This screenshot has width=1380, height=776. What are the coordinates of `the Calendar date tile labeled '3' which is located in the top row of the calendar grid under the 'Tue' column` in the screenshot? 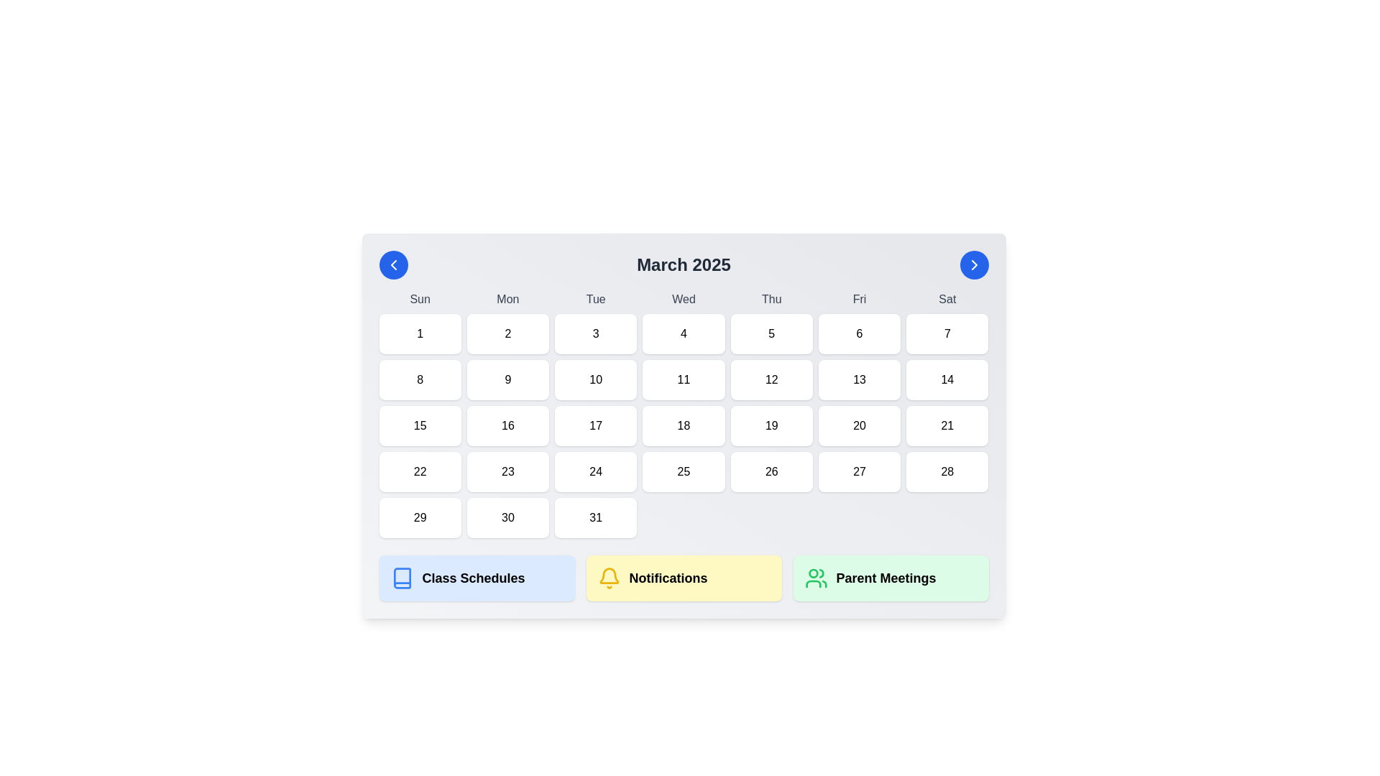 It's located at (596, 334).